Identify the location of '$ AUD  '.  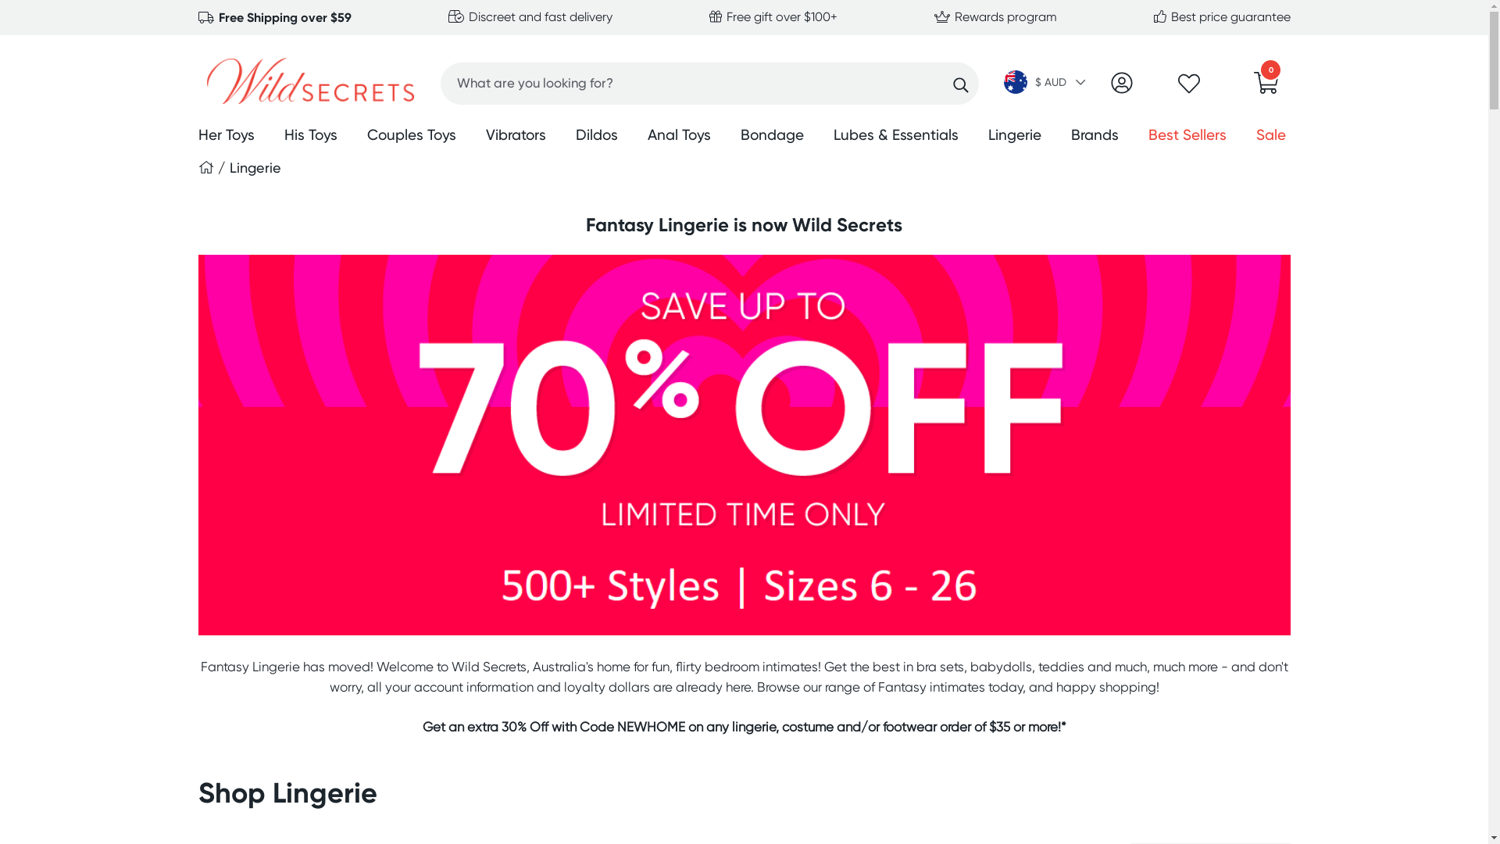
(1045, 84).